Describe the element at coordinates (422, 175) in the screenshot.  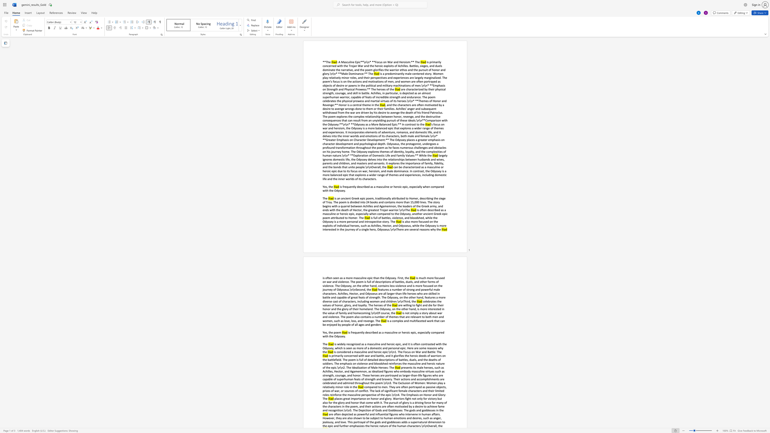
I see `the subset text "including domestic life and the" within the text "can be characterized as a masculine or heroic epic due to its focus on war, heroism, and male dominance. In contrast, the Odyssey is a more balanced epic that explores a wider range of themes and experiences, including domestic life and the inner worlds of its characters."` at that location.